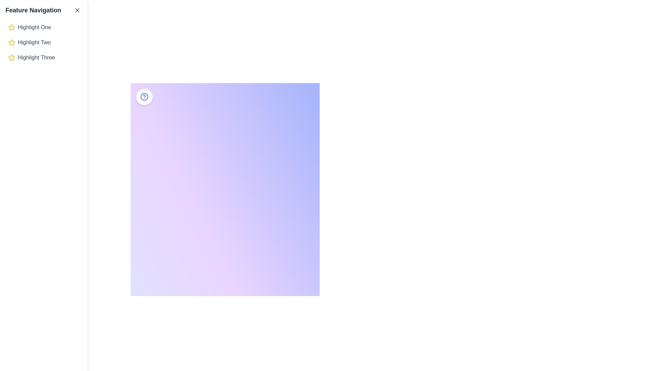  I want to click on the highlighted icon representing a featured or favorited status, which is the leftmost component of the 'Highlight Two' entry in the navigation list, so click(11, 42).